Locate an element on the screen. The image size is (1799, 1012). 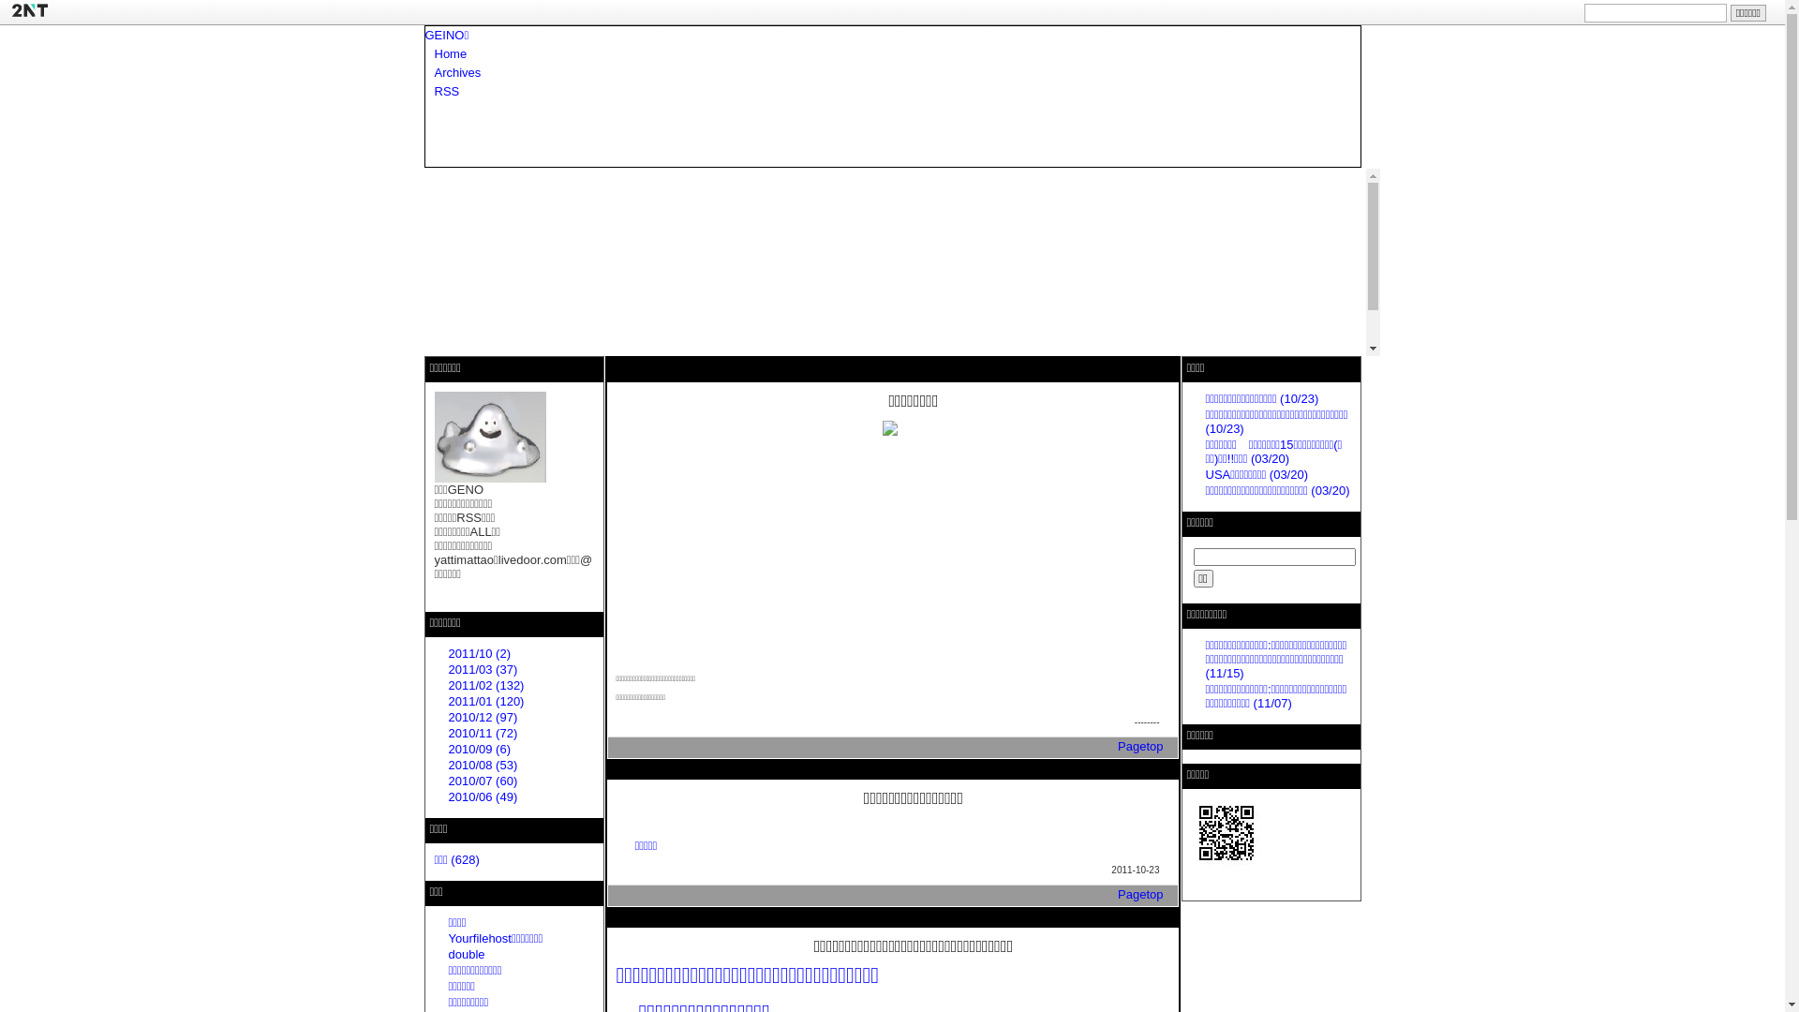
'RSS' is located at coordinates (434, 91).